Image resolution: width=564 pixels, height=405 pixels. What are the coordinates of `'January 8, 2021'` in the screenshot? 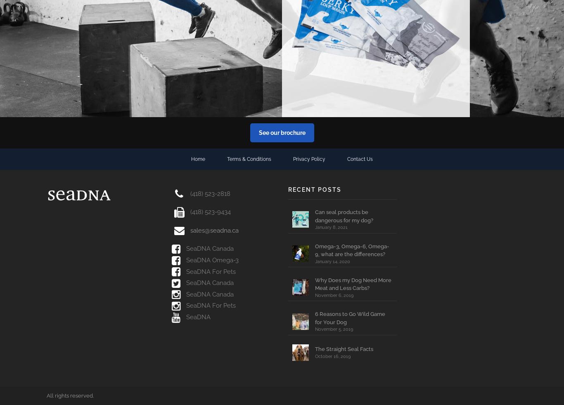 It's located at (331, 227).